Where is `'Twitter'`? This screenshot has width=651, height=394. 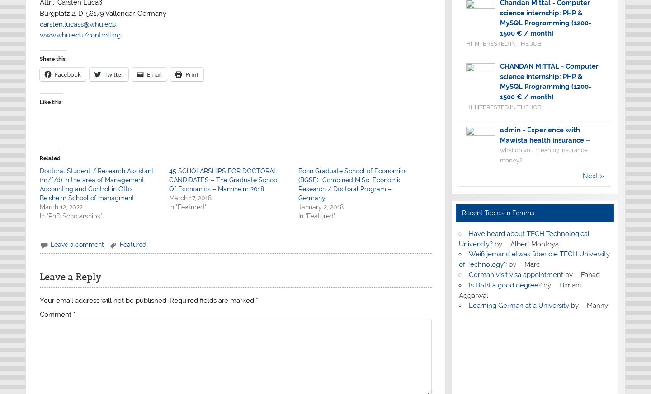 'Twitter' is located at coordinates (113, 74).